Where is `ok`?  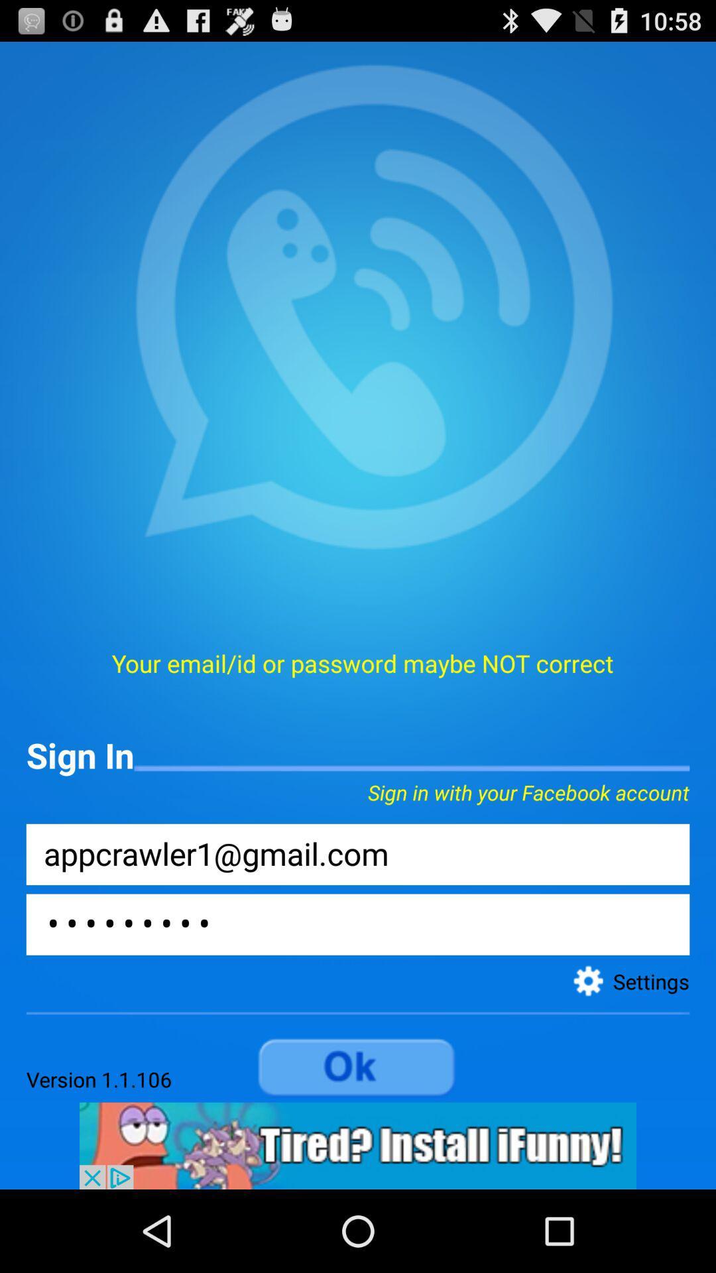 ok is located at coordinates (358, 1068).